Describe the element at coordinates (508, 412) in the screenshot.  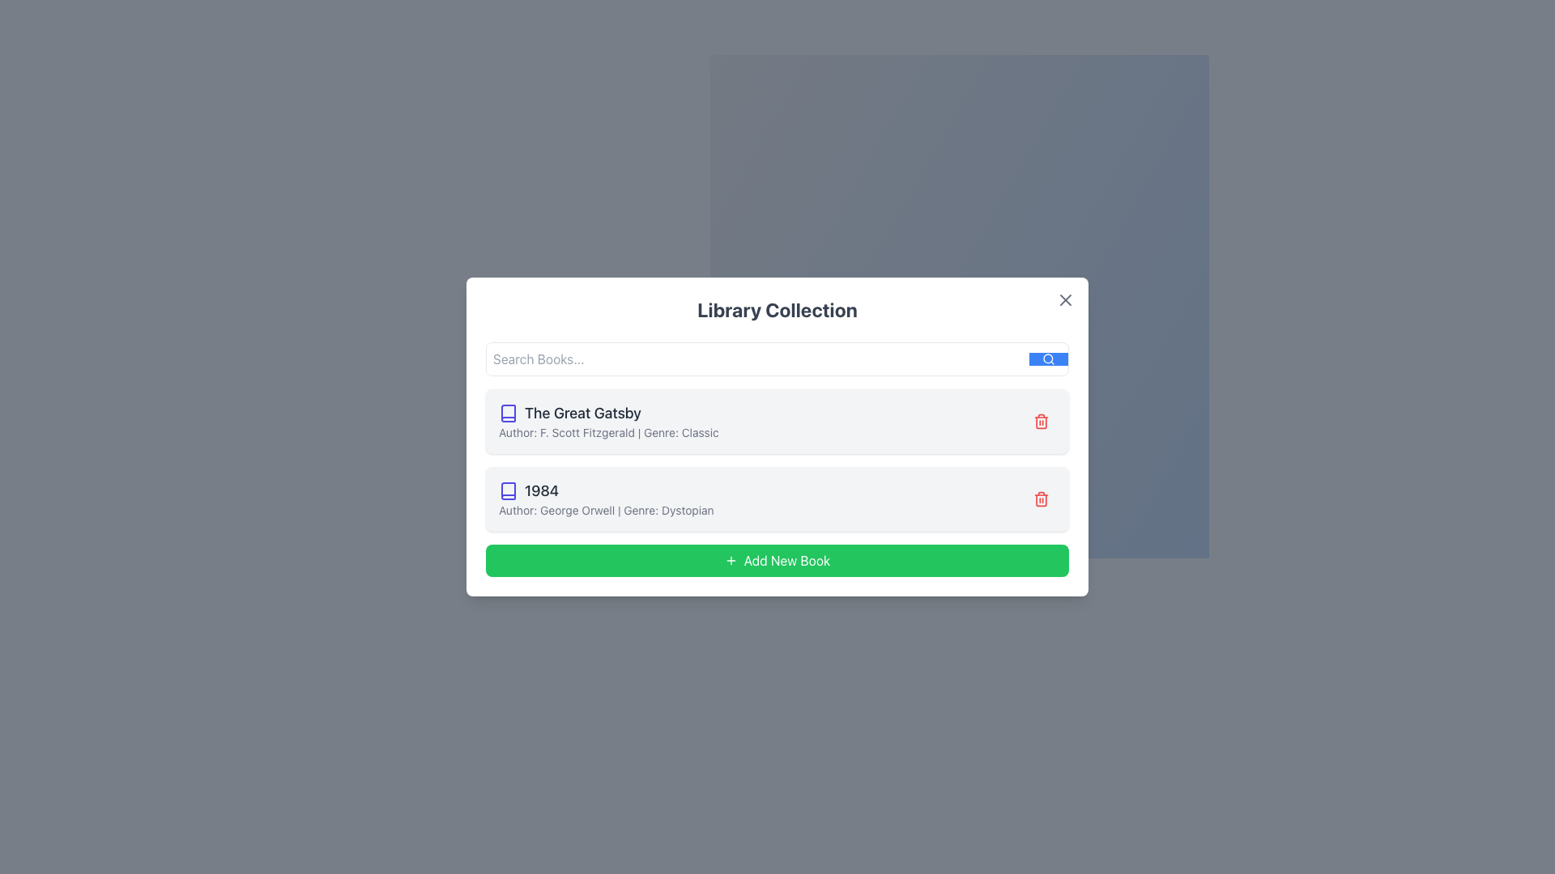
I see `the SVG Icon that visually indicates the book 'The Great Gatsby', located to the far left of the list item` at that location.